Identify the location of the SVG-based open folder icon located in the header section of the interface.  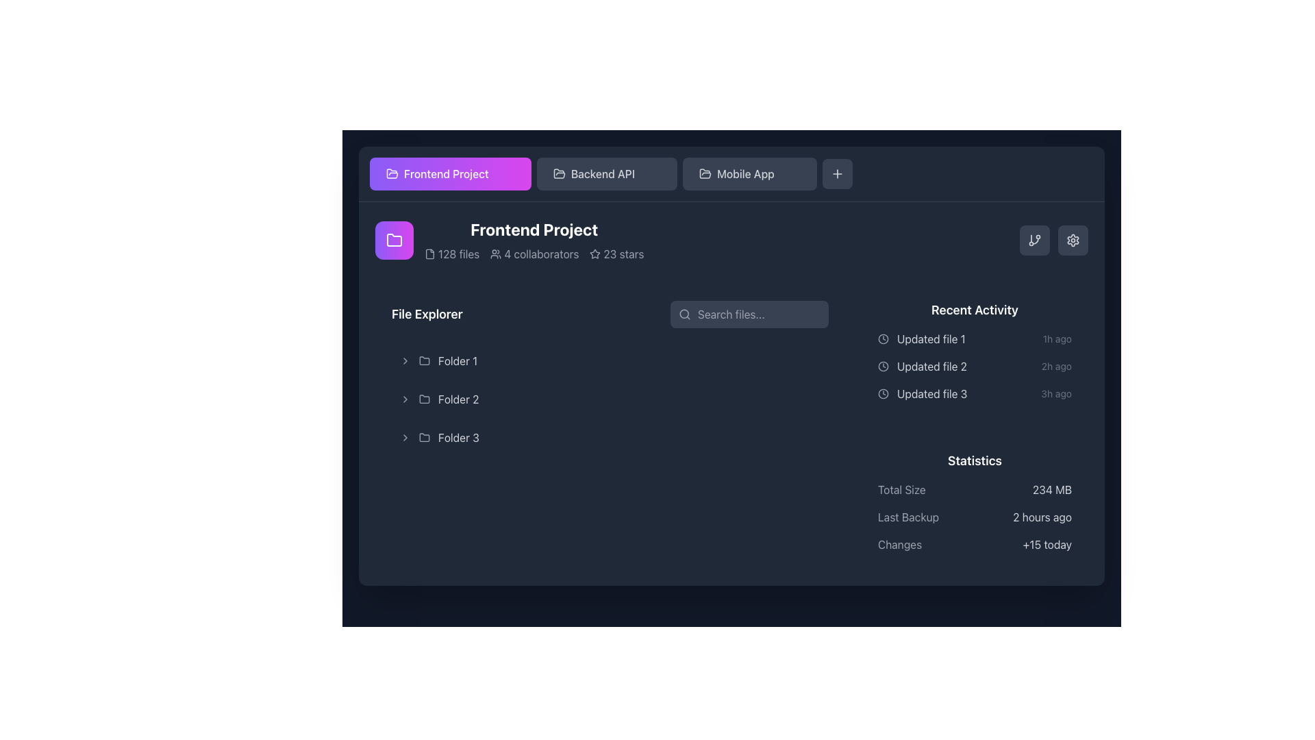
(705, 173).